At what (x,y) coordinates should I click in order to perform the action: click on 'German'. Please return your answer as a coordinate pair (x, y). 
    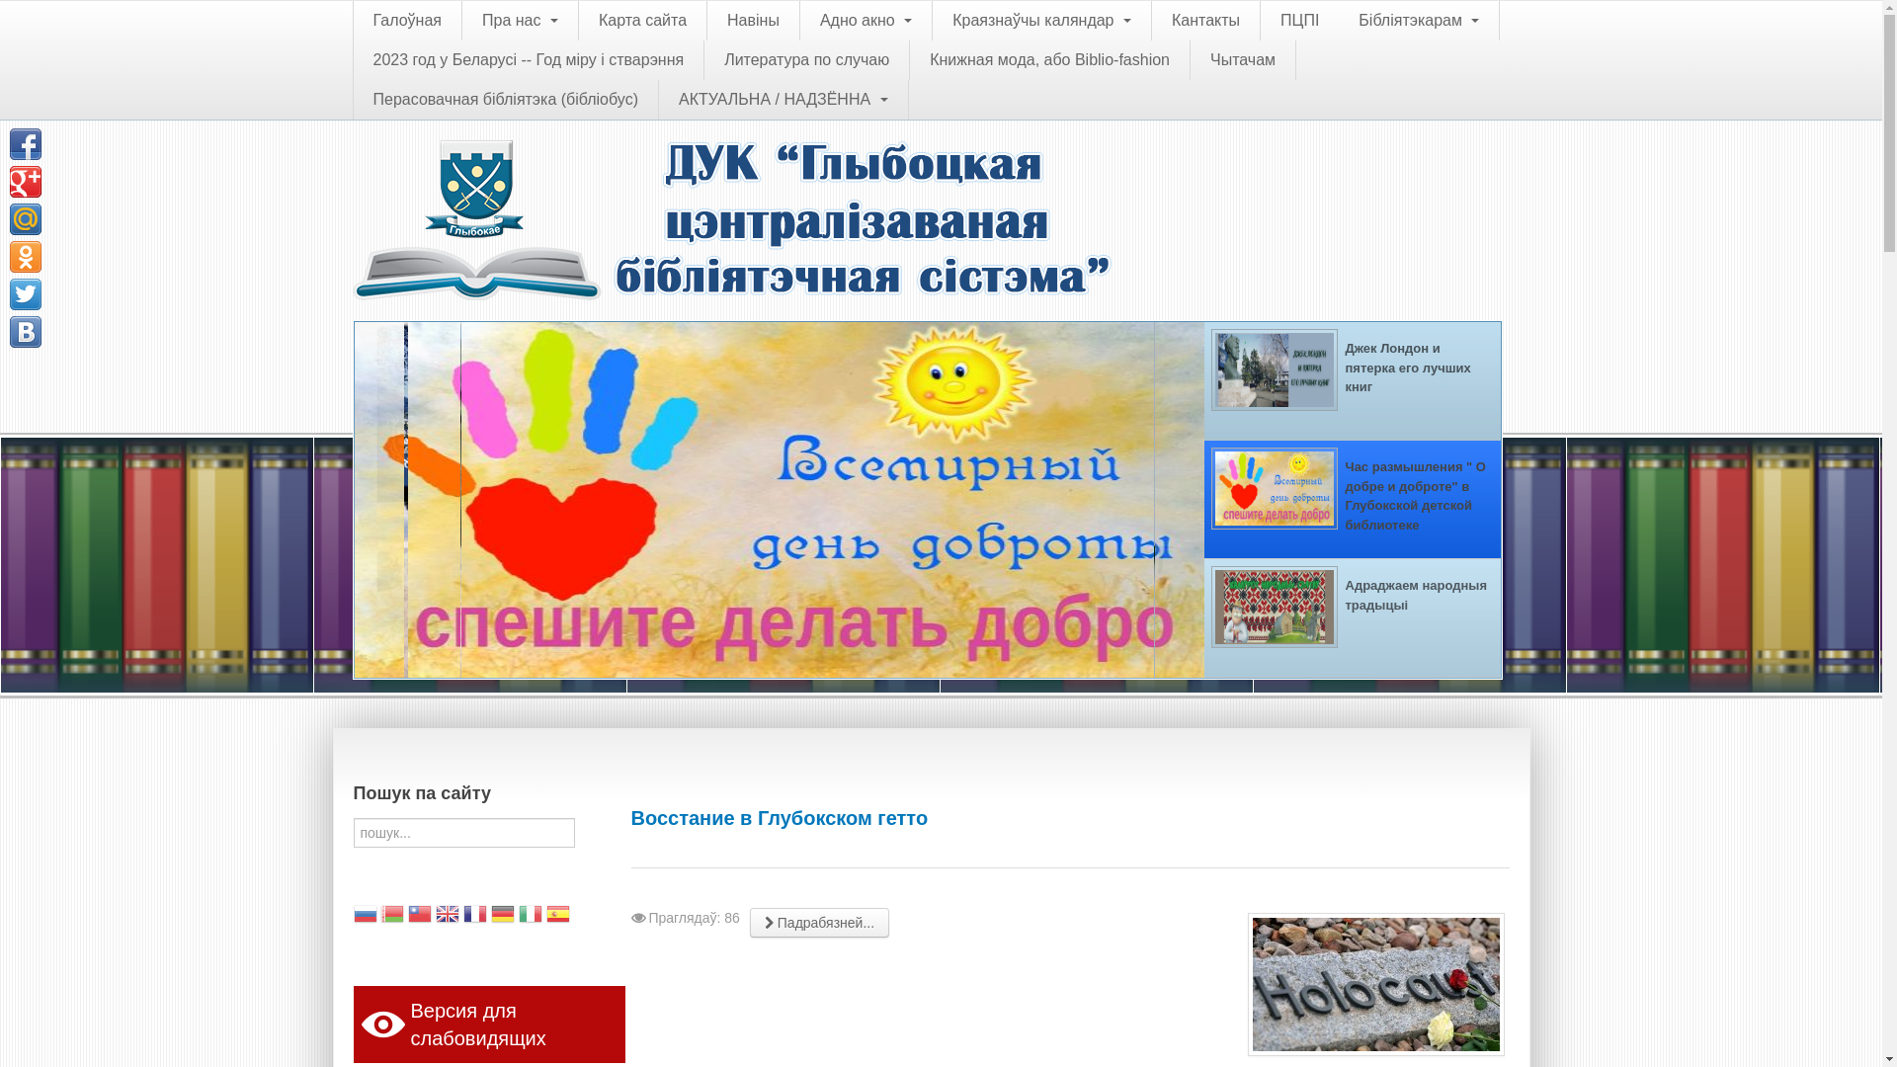
    Looking at the image, I should click on (502, 916).